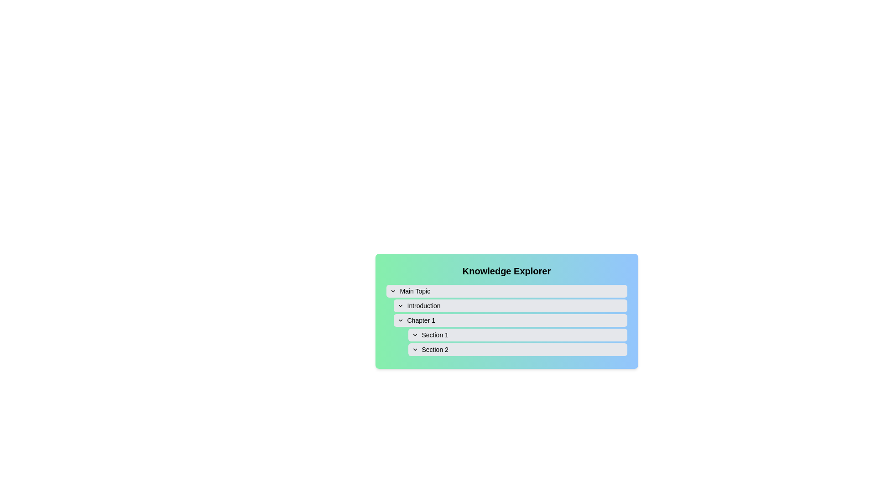 The width and height of the screenshot is (876, 493). What do you see at coordinates (423, 306) in the screenshot?
I see `the 'Introduction' text label in the navigation menu to observe any hover effects` at bounding box center [423, 306].